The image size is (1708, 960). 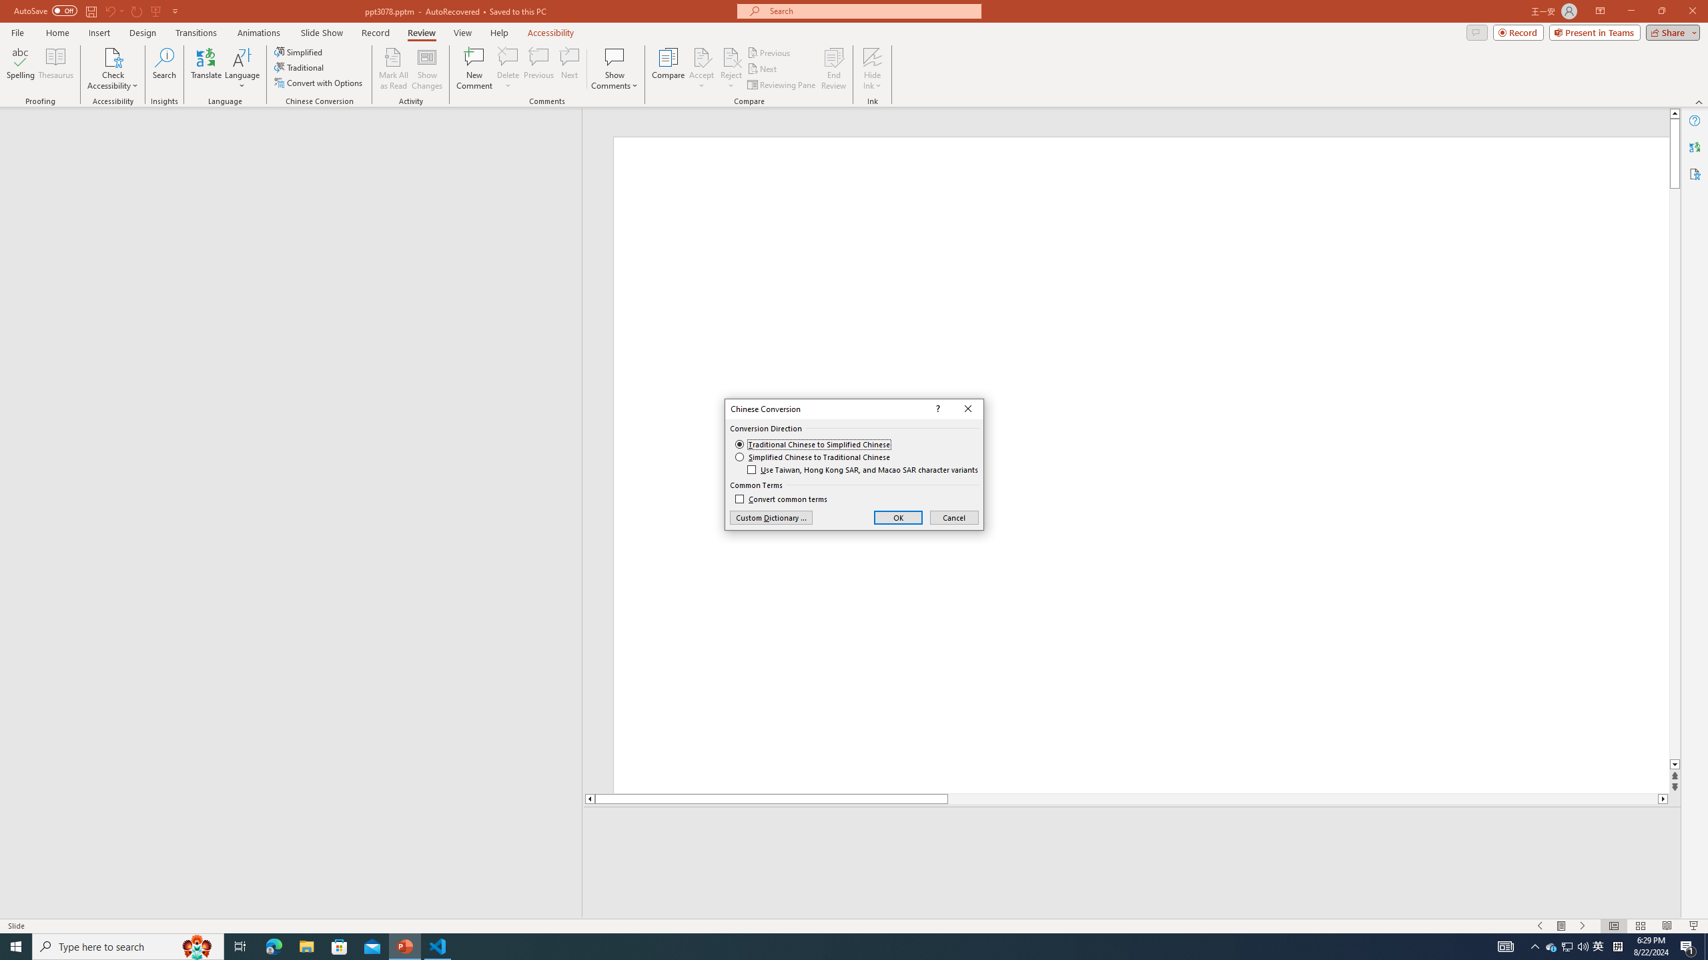 I want to click on 'Reject Change', so click(x=730, y=56).